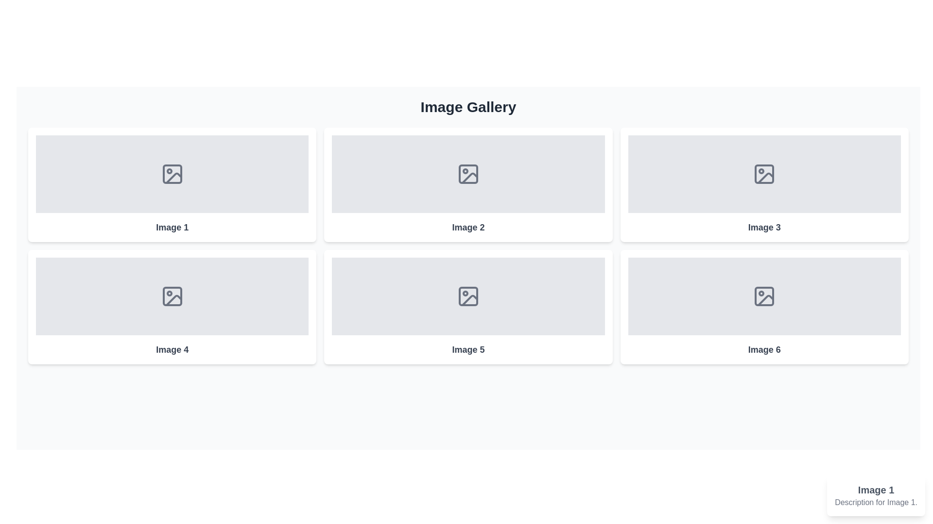 This screenshot has height=524, width=933. What do you see at coordinates (172, 173) in the screenshot?
I see `the Image Placeholder labeled 'Image 1' located in the first row, column one of the gallery grid` at bounding box center [172, 173].